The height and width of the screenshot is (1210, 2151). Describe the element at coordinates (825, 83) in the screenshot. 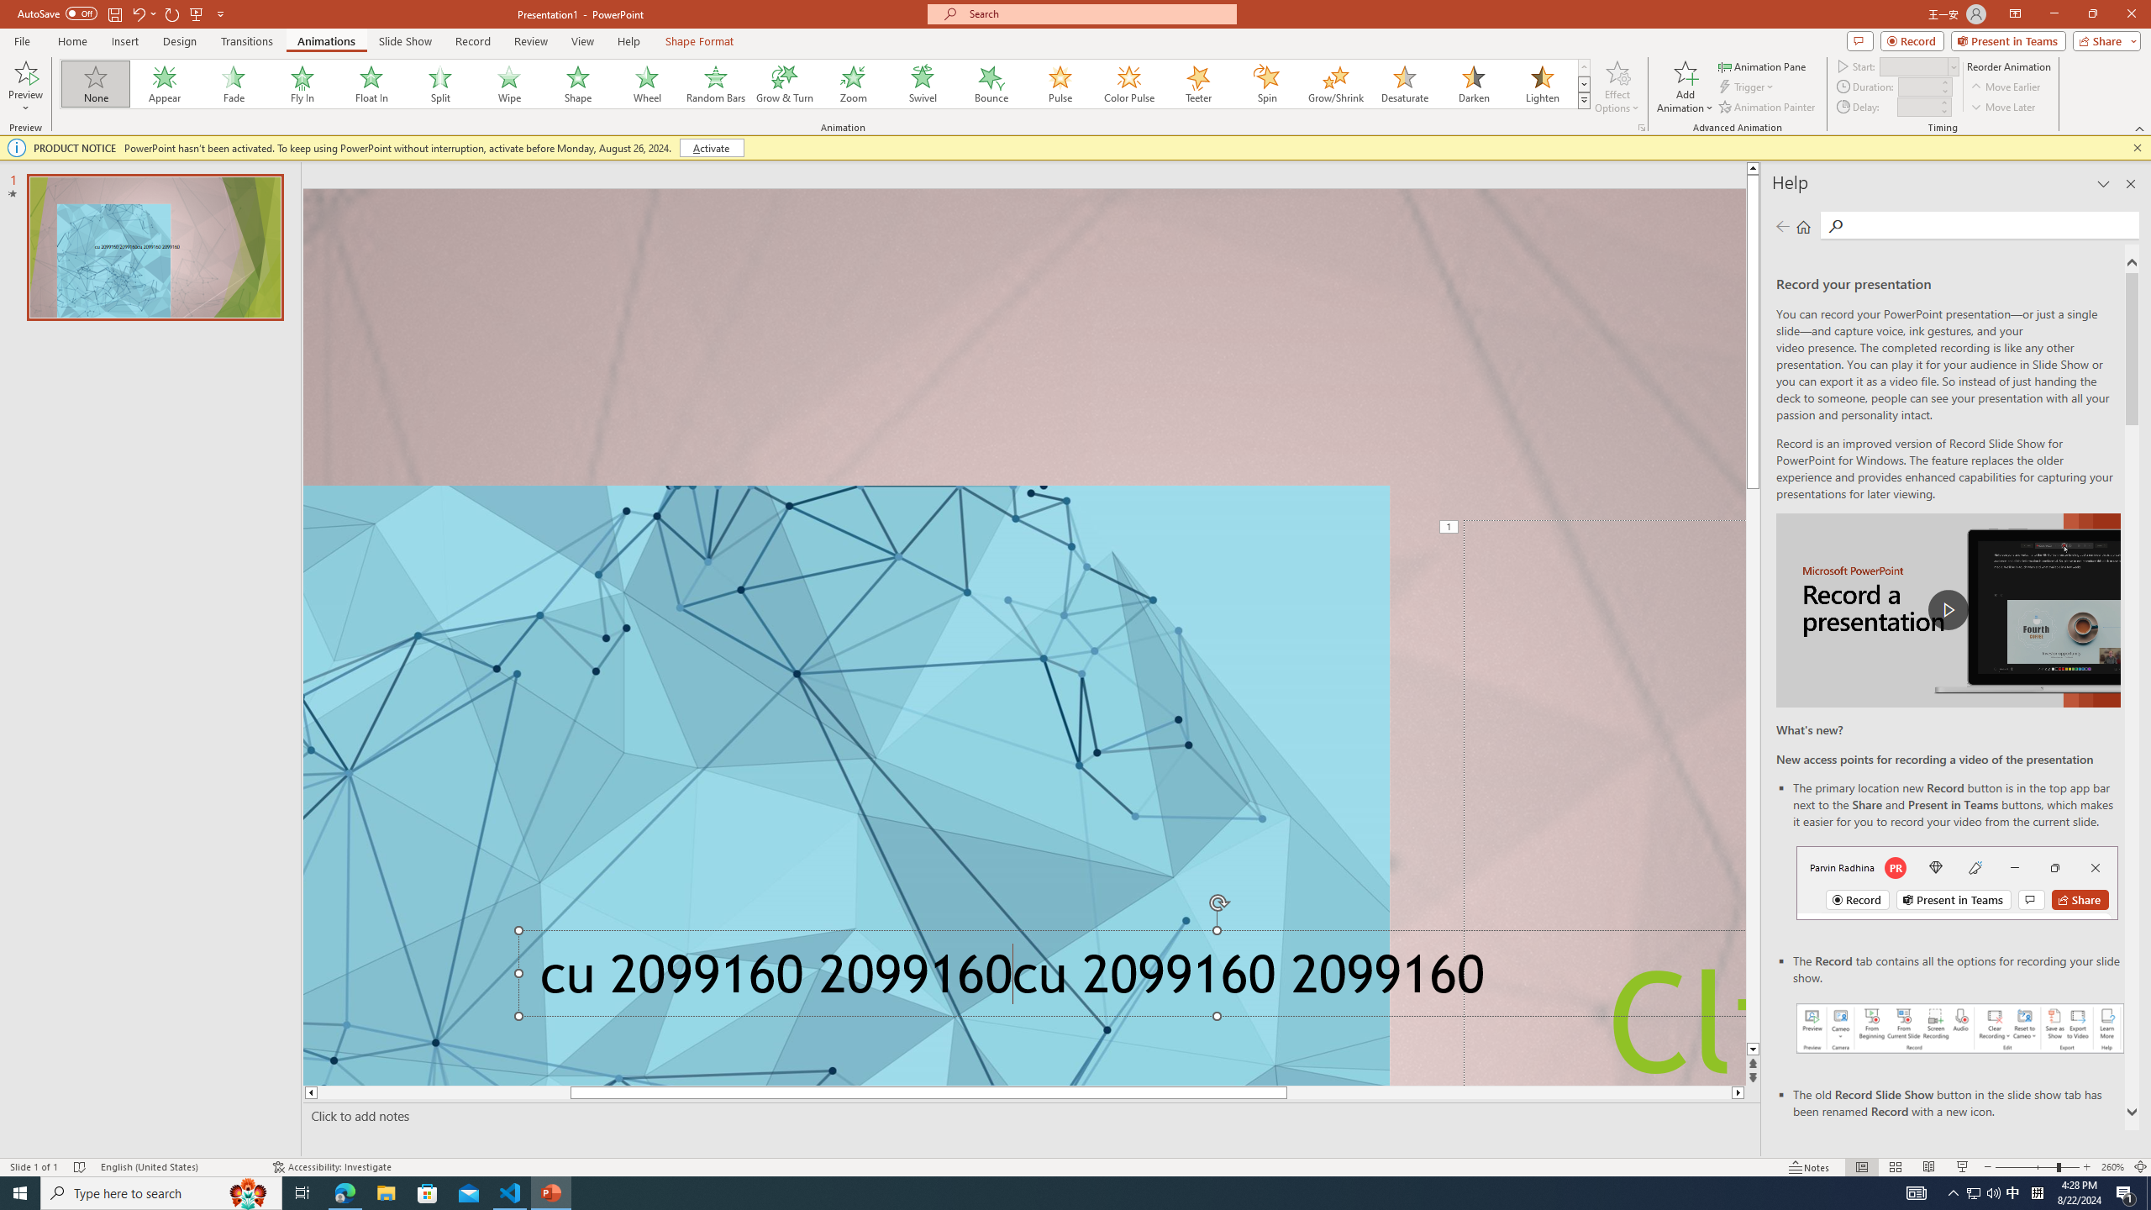

I see `'AutomationID: AnimationGallery'` at that location.